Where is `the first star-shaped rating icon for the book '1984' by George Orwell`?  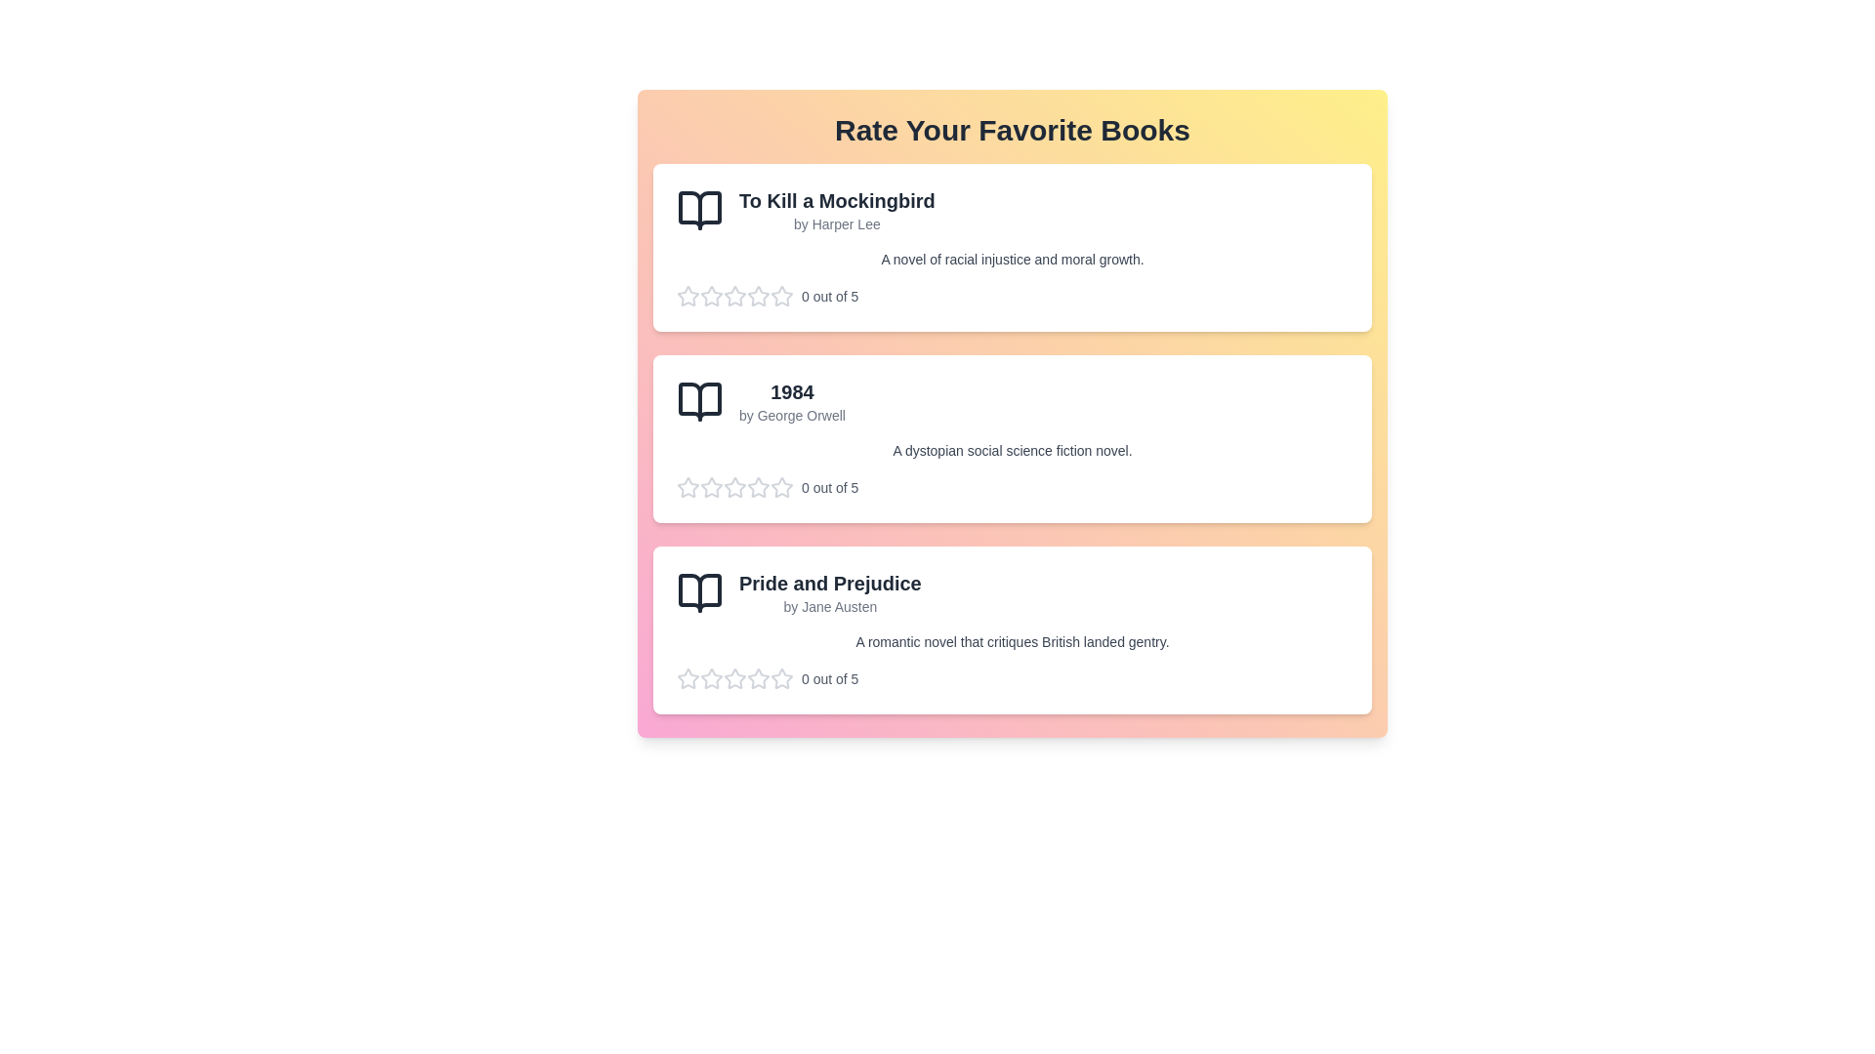
the first star-shaped rating icon for the book '1984' by George Orwell is located at coordinates (734, 486).